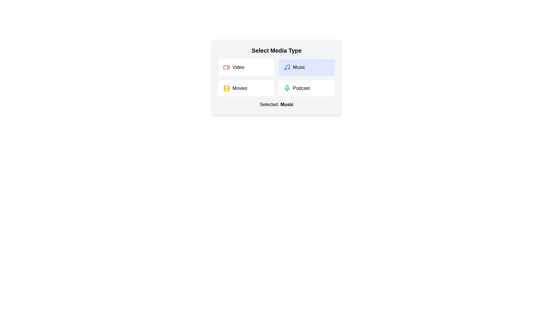  What do you see at coordinates (307, 67) in the screenshot?
I see `the media type Music by clicking on its corresponding button` at bounding box center [307, 67].